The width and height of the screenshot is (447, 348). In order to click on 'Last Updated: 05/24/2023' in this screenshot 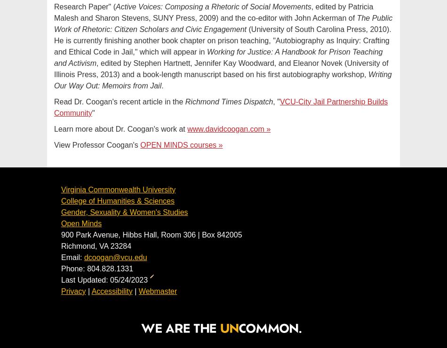, I will do `click(105, 280)`.